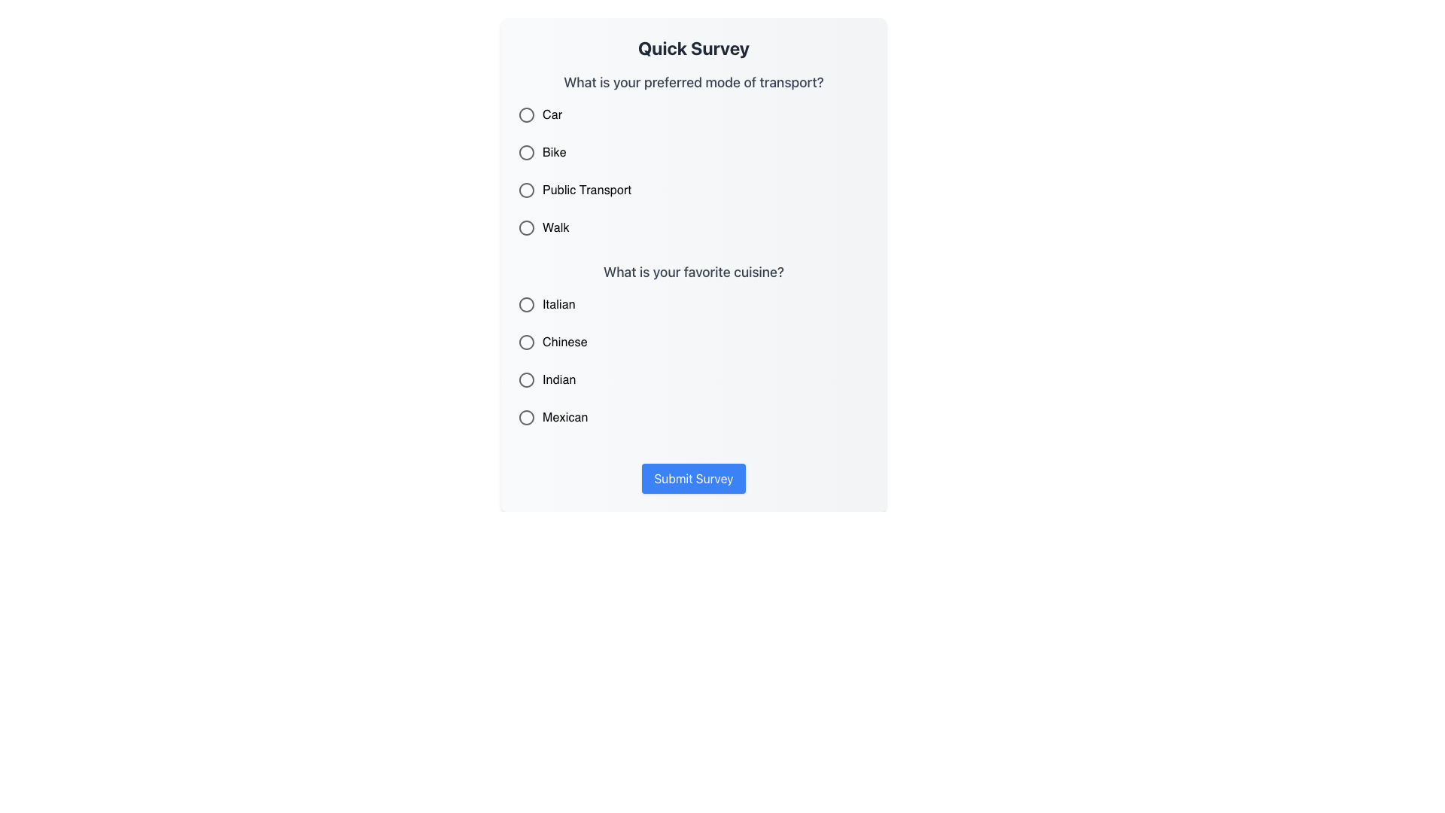 The image size is (1445, 813). Describe the element at coordinates (692, 348) in the screenshot. I see `a radio button within the Form section of the survey card` at that location.